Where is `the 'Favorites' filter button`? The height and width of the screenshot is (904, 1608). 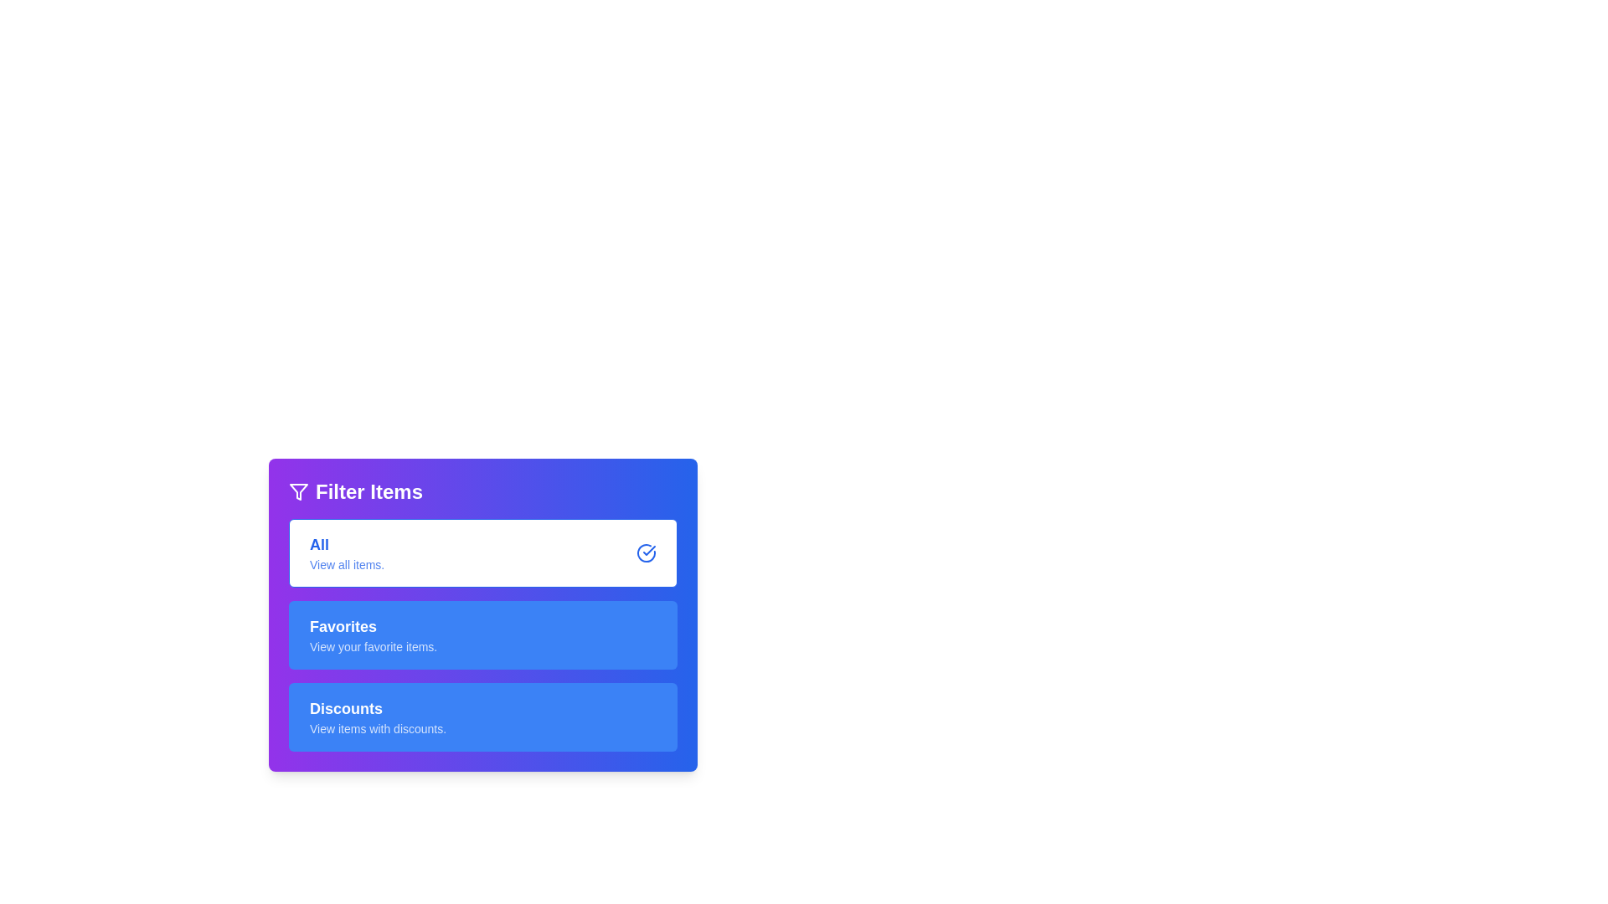
the 'Favorites' filter button is located at coordinates (482, 615).